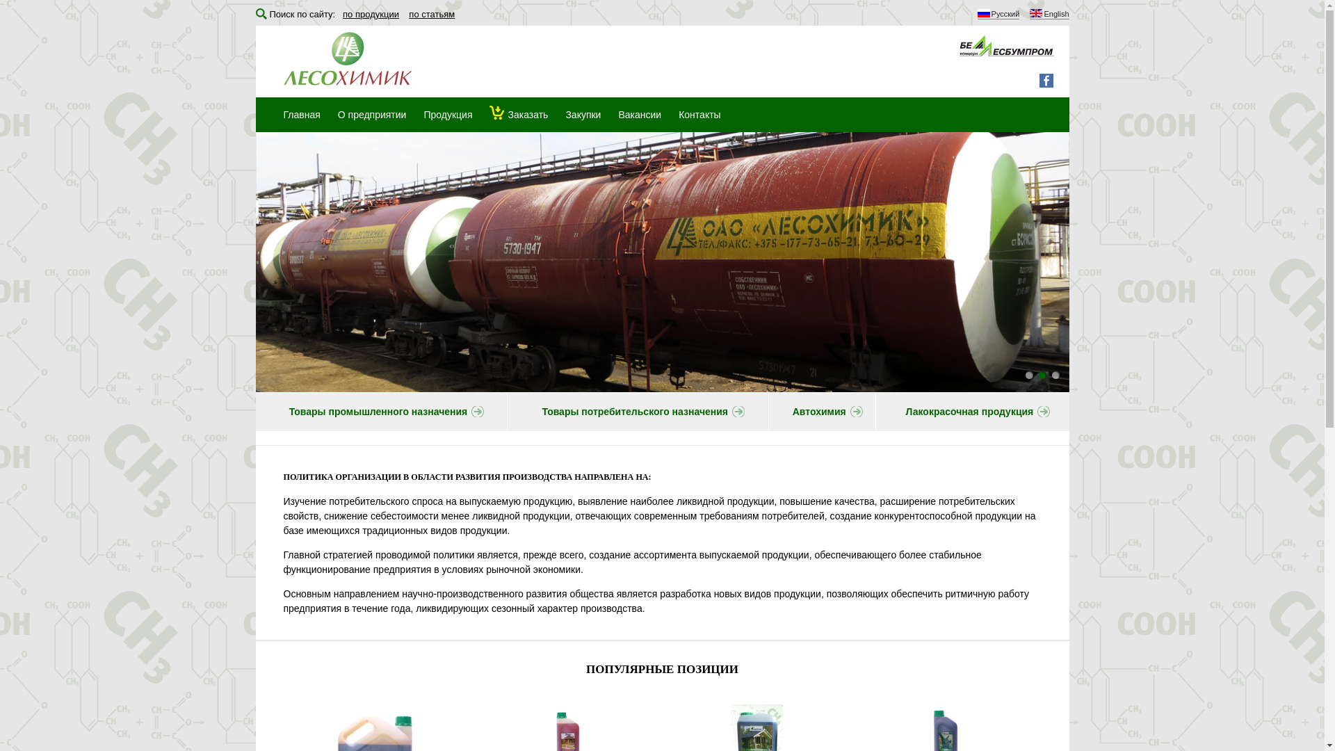  Describe the element at coordinates (1051, 374) in the screenshot. I see `'3'` at that location.